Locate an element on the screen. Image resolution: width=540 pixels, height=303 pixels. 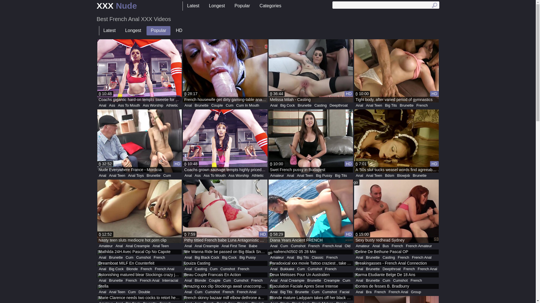
'Deepthroat' is located at coordinates (338, 105).